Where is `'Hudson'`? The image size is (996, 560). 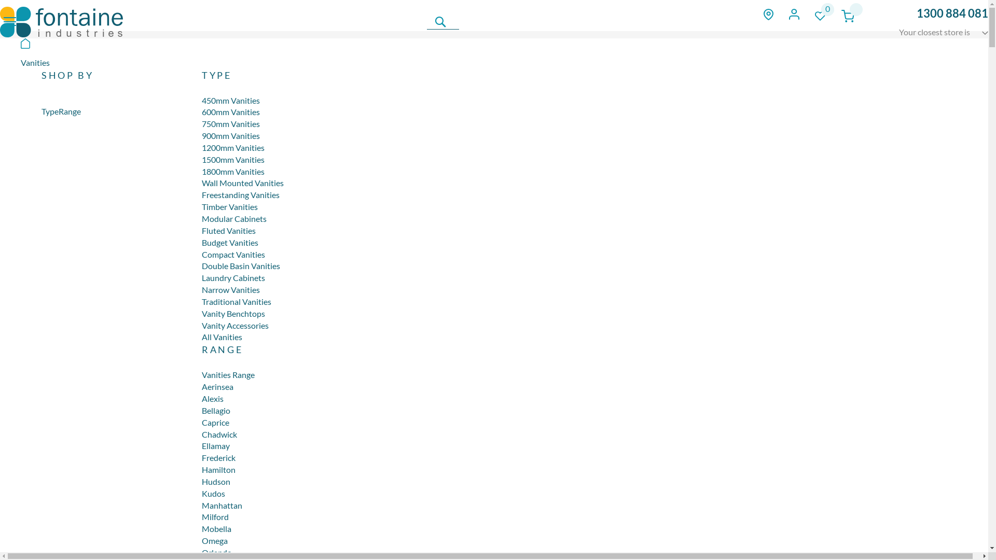 'Hudson' is located at coordinates (215, 481).